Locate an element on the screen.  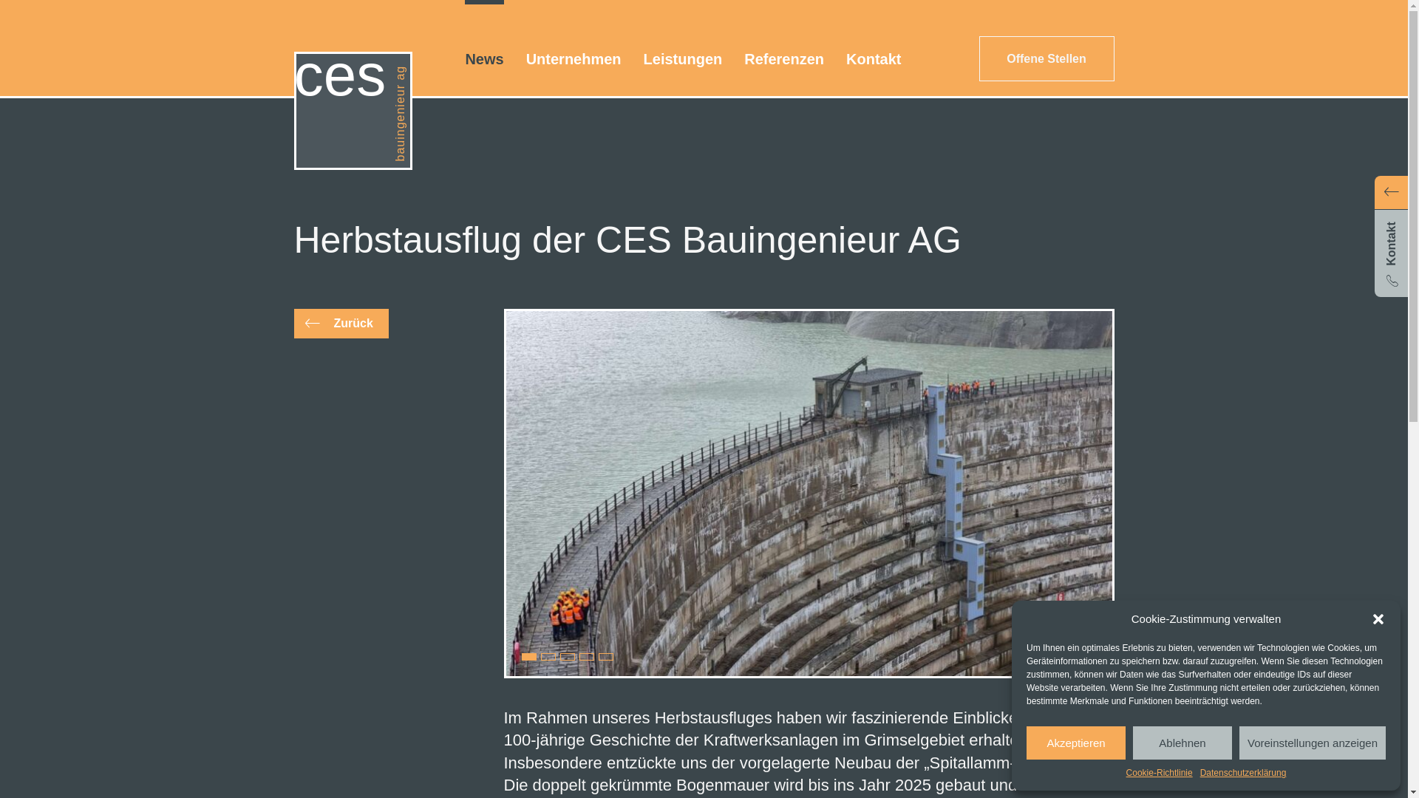
'Referenzen' is located at coordinates (783, 58).